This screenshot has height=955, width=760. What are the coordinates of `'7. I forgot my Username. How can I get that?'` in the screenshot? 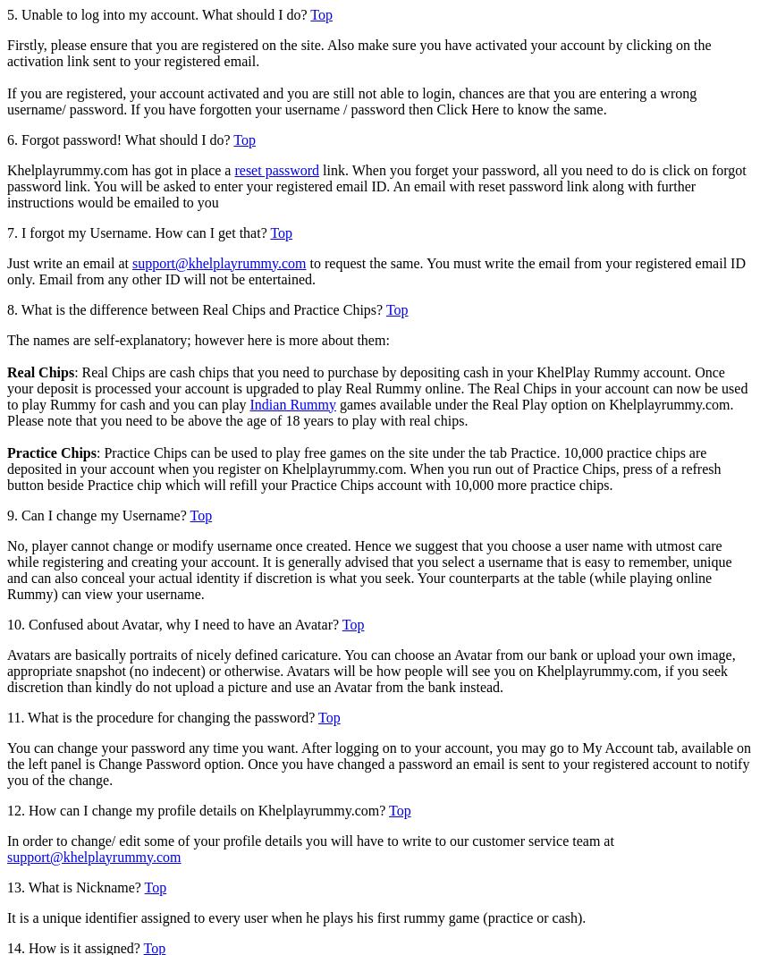 It's located at (139, 232).